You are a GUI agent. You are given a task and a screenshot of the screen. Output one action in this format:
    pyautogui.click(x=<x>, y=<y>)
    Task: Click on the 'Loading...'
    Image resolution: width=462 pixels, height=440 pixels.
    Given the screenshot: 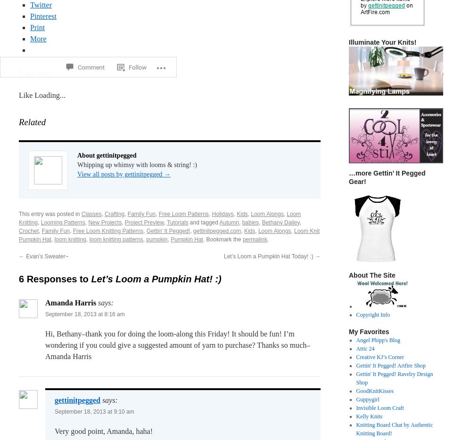 What is the action you would take?
    pyautogui.click(x=34, y=94)
    